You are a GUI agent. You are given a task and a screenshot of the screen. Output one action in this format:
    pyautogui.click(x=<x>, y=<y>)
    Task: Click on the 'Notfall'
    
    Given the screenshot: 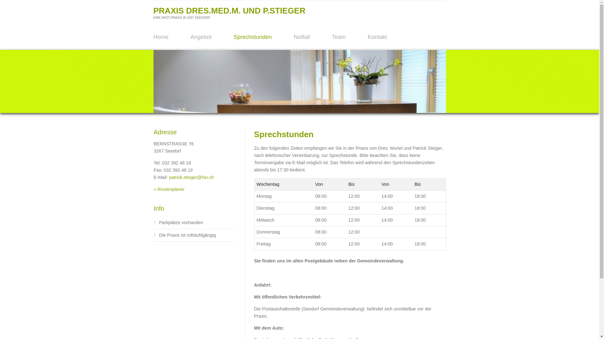 What is the action you would take?
    pyautogui.click(x=301, y=37)
    